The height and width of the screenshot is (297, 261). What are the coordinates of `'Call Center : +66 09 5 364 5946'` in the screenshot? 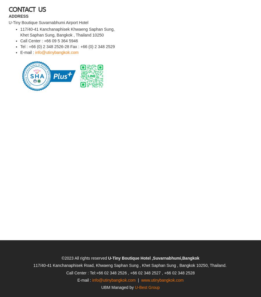 It's located at (50, 24).